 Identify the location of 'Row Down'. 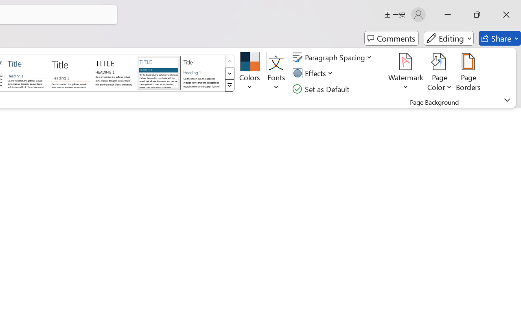
(229, 73).